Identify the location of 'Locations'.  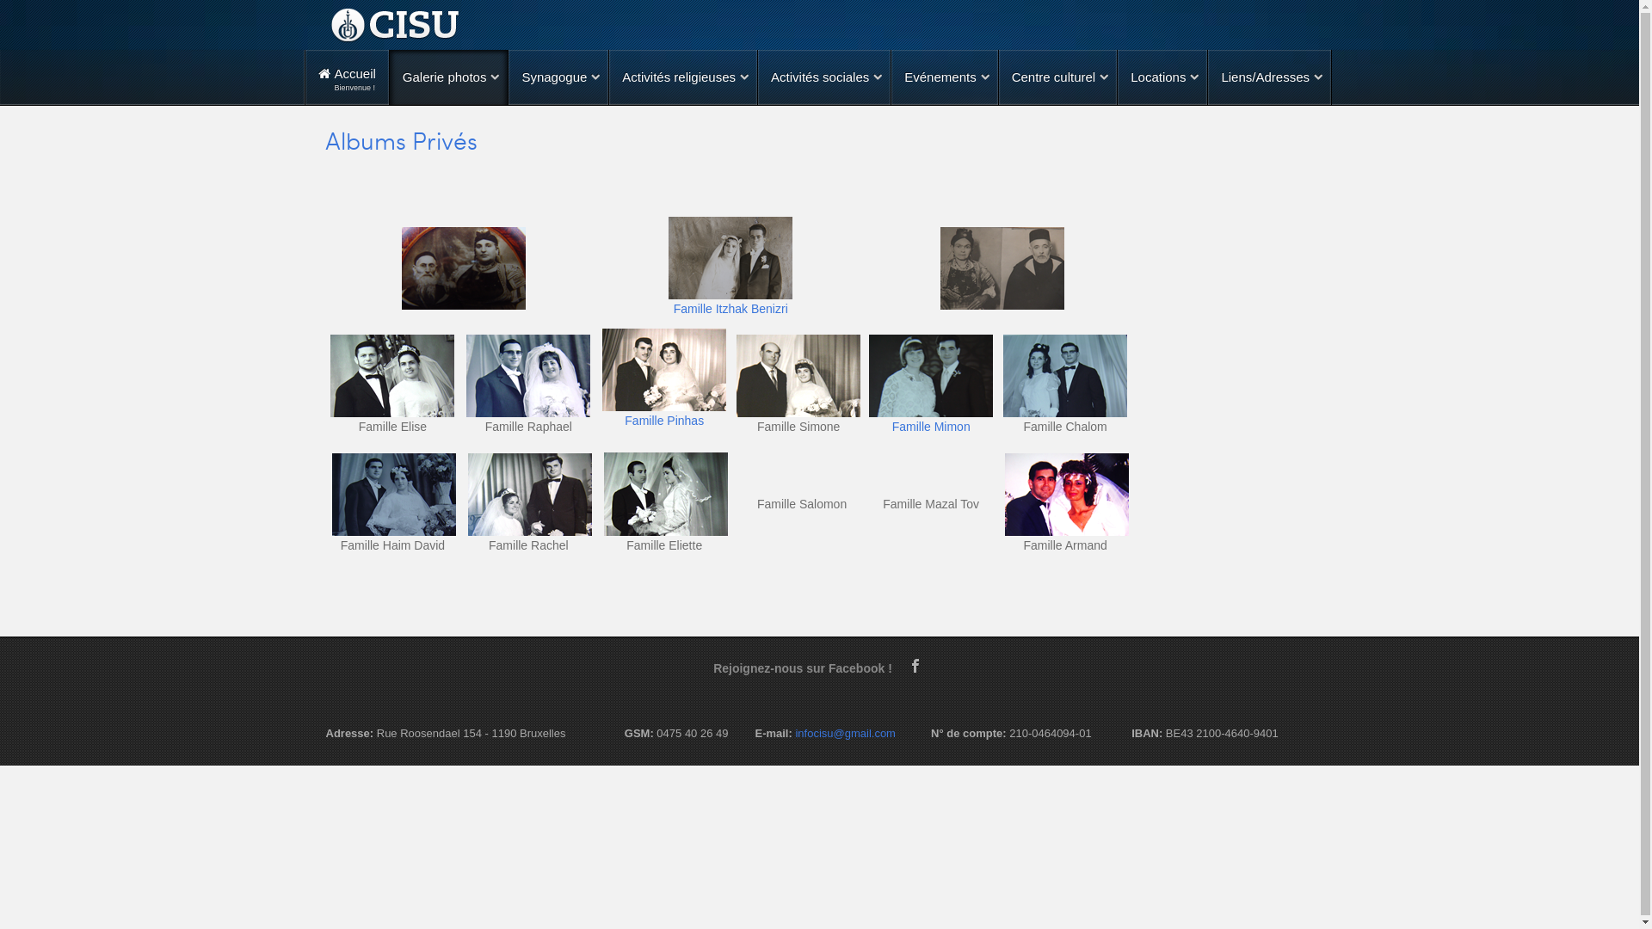
(1162, 76).